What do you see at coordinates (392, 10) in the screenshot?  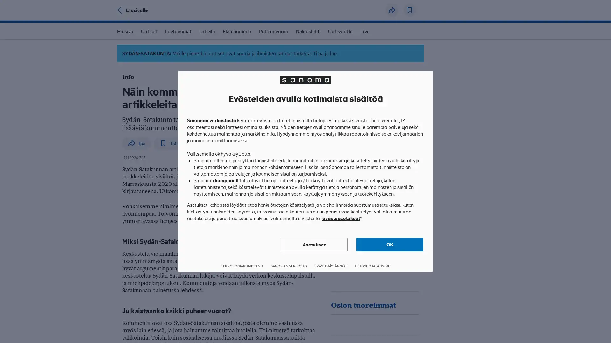 I see `Jaa` at bounding box center [392, 10].